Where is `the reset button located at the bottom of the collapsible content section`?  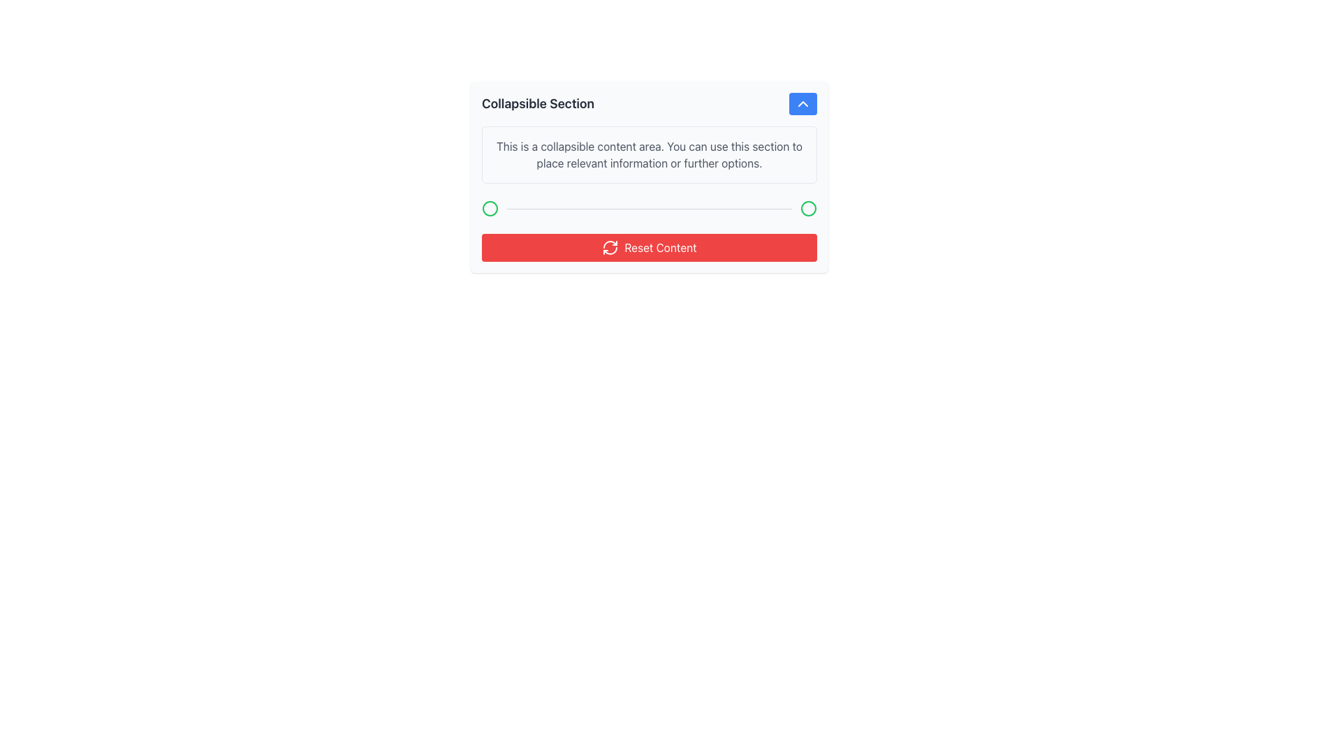 the reset button located at the bottom of the collapsible content section is located at coordinates (649, 246).